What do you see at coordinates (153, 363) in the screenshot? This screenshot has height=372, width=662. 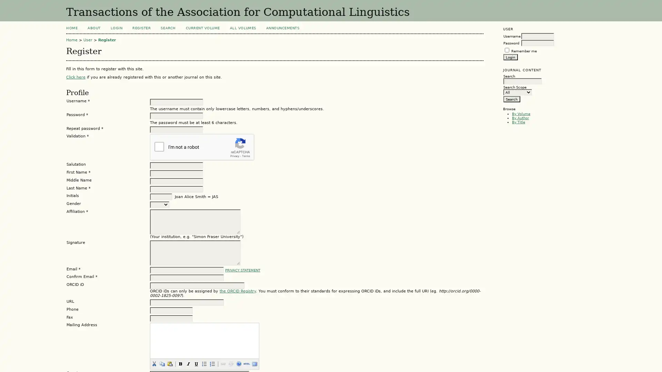 I see `Cut (Ctrl+X)` at bounding box center [153, 363].